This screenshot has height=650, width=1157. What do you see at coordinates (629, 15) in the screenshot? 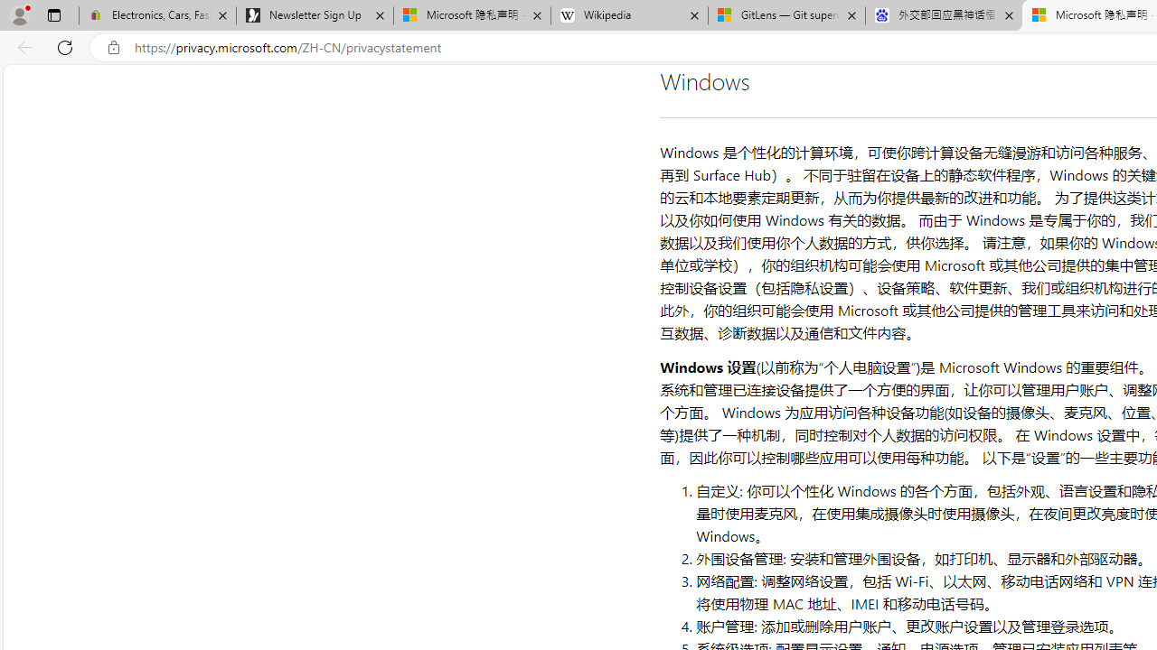
I see `'Wikipedia'` at bounding box center [629, 15].